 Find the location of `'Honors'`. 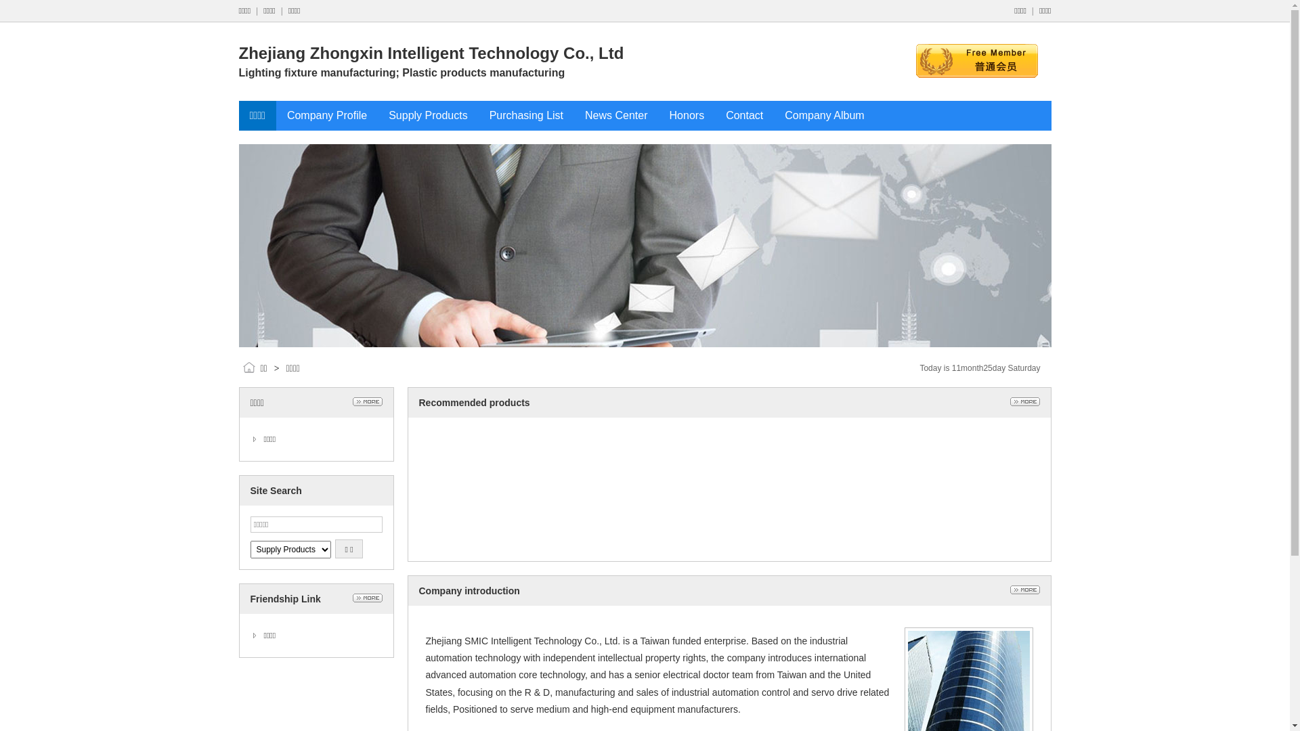

'Honors' is located at coordinates (687, 114).